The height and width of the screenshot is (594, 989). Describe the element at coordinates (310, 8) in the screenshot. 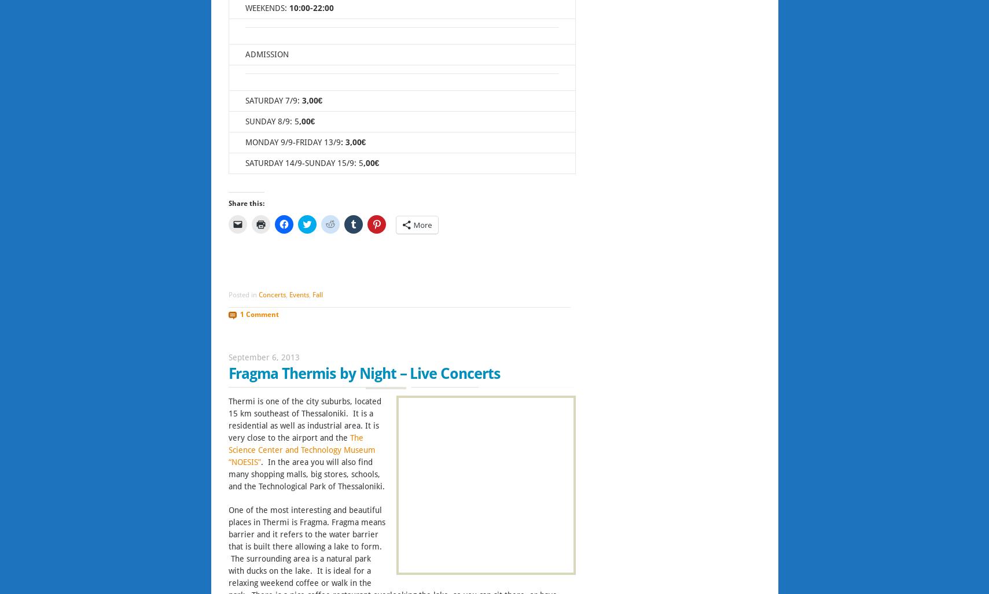

I see `'10:00-22:00'` at that location.